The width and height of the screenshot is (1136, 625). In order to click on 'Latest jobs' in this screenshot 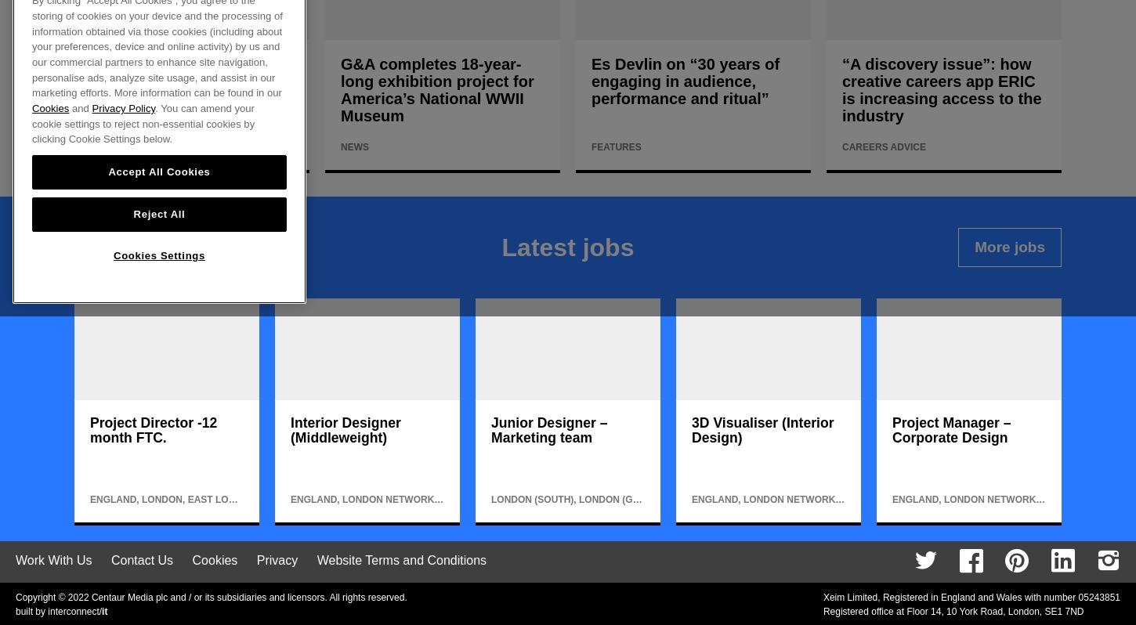, I will do `click(566, 246)`.